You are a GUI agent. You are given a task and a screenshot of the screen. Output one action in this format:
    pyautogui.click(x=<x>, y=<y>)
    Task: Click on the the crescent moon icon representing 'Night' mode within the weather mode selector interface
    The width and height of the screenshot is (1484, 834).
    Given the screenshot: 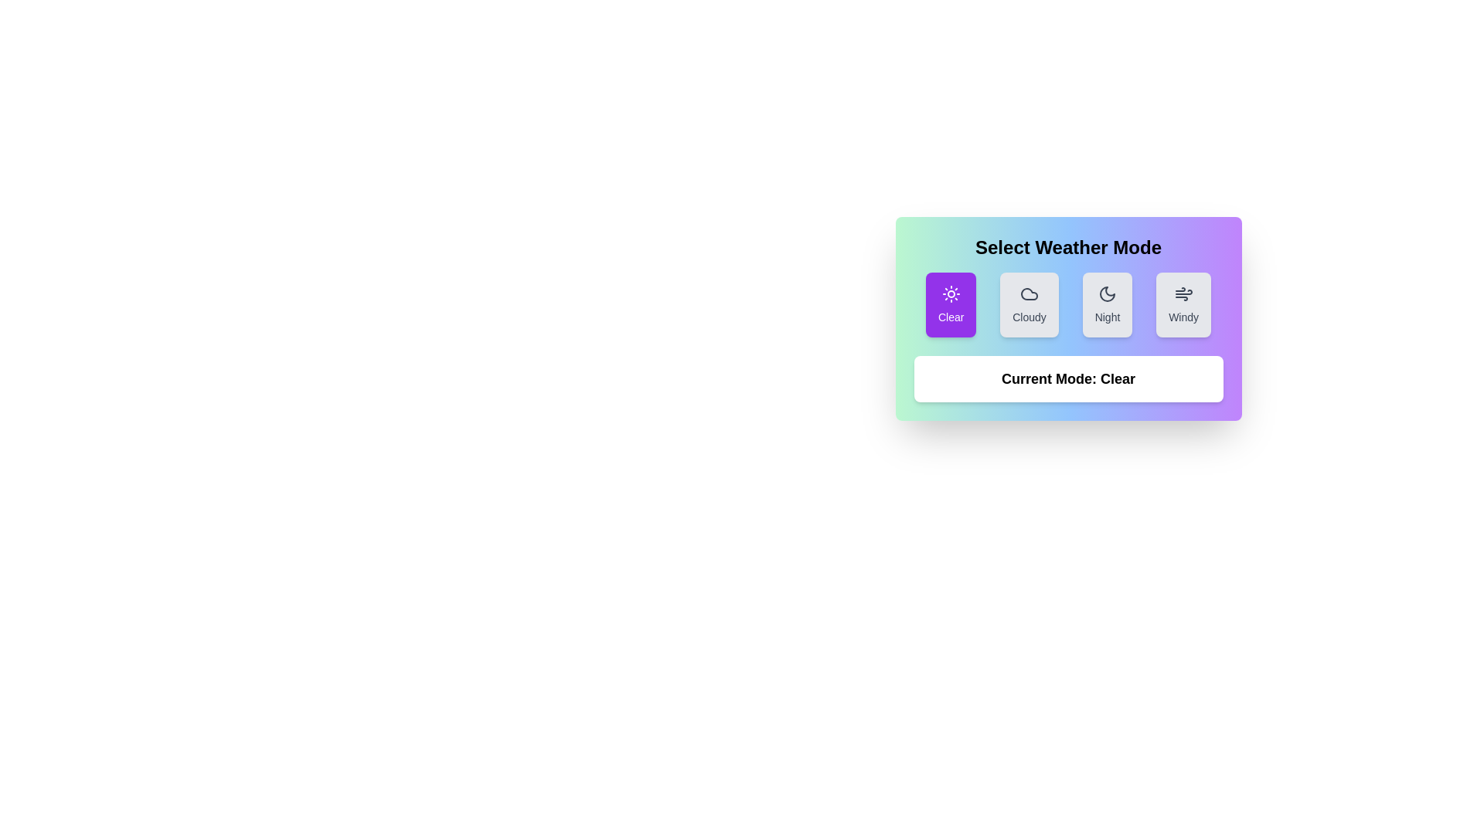 What is the action you would take?
    pyautogui.click(x=1106, y=294)
    